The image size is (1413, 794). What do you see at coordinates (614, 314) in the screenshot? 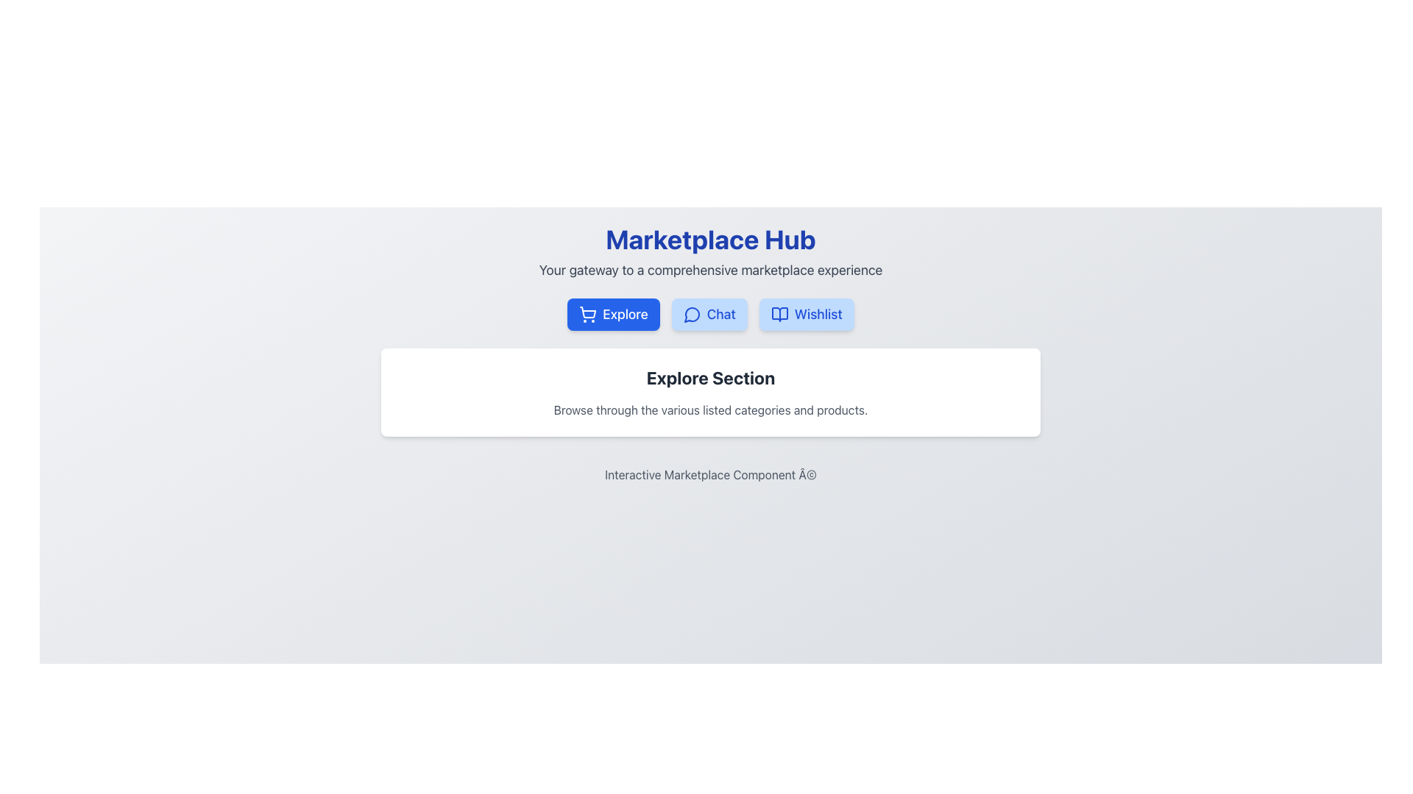
I see `the blue button labeled 'Explore' with a shopping cart icon to change its shadow effect` at bounding box center [614, 314].